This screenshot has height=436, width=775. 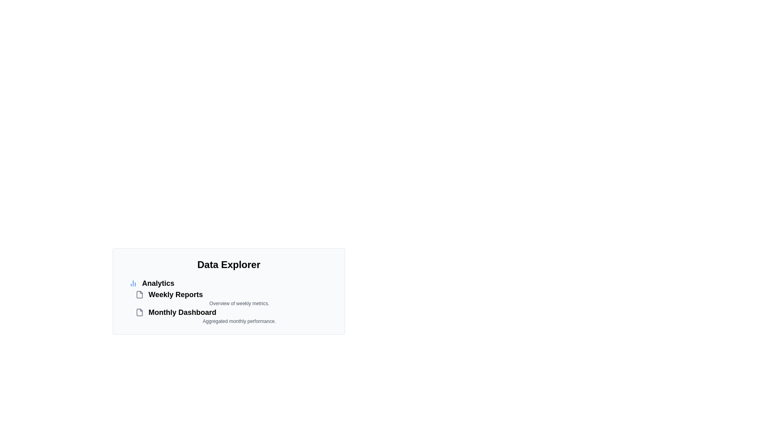 I want to click on the selectable Text item with subtitle that summarizes aggregated monthly data, located under the heading 'Data Explorer.', so click(x=235, y=315).